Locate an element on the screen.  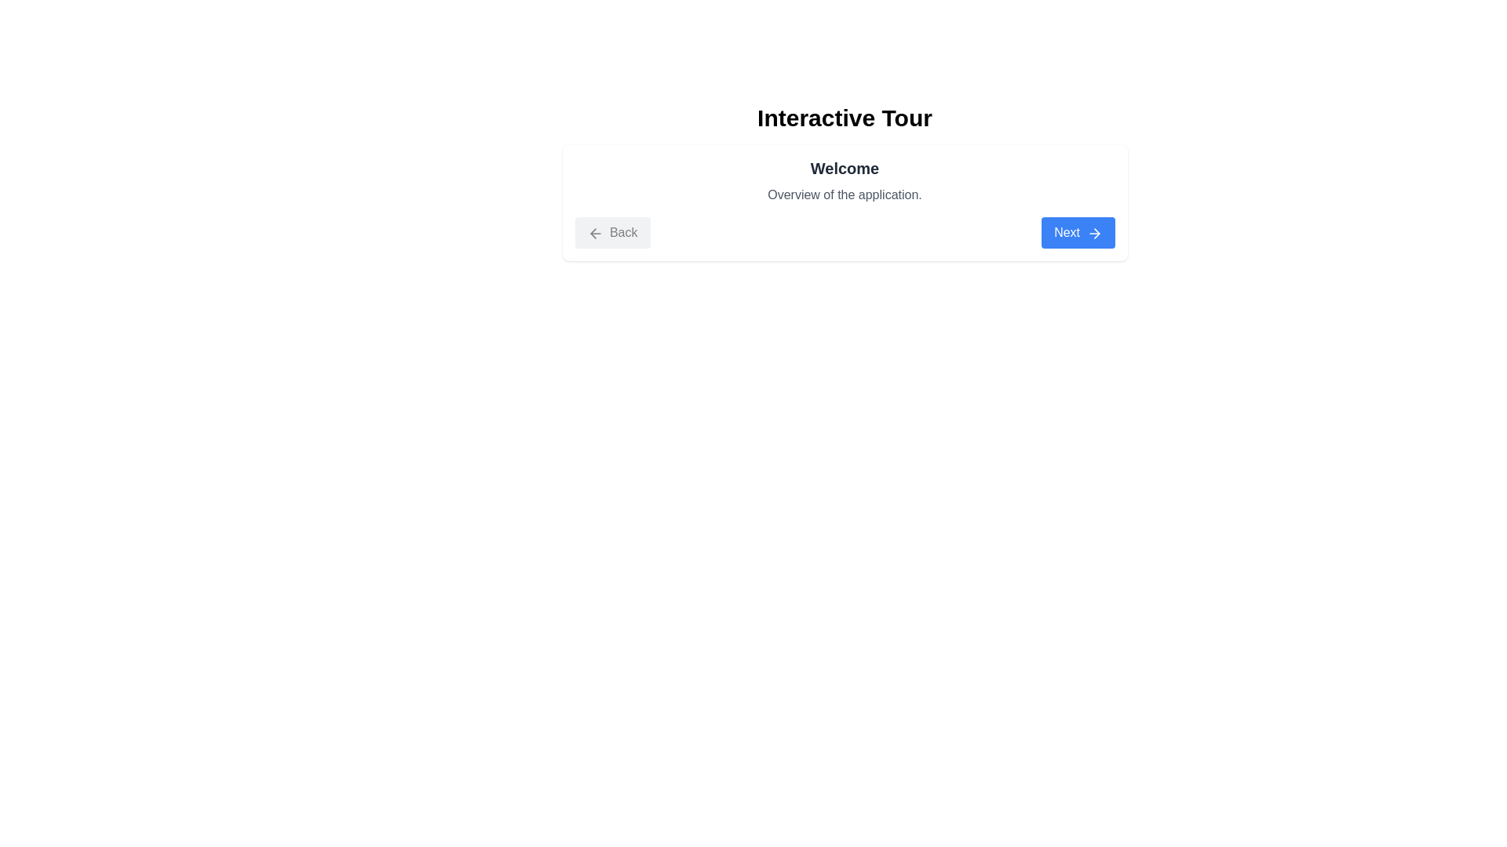
the static text label or heading that serves as a welcoming heading for the section, located above the 'Overview of the application' text and centrally positioned within a white, rounded rectangular box is located at coordinates (844, 169).